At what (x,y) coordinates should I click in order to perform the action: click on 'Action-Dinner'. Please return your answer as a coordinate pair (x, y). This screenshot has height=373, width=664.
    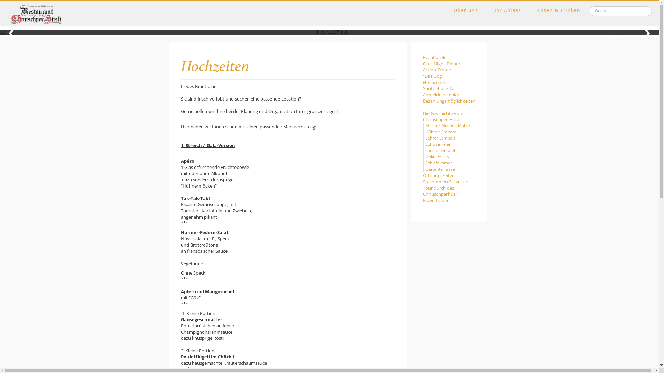
    Looking at the image, I should click on (449, 69).